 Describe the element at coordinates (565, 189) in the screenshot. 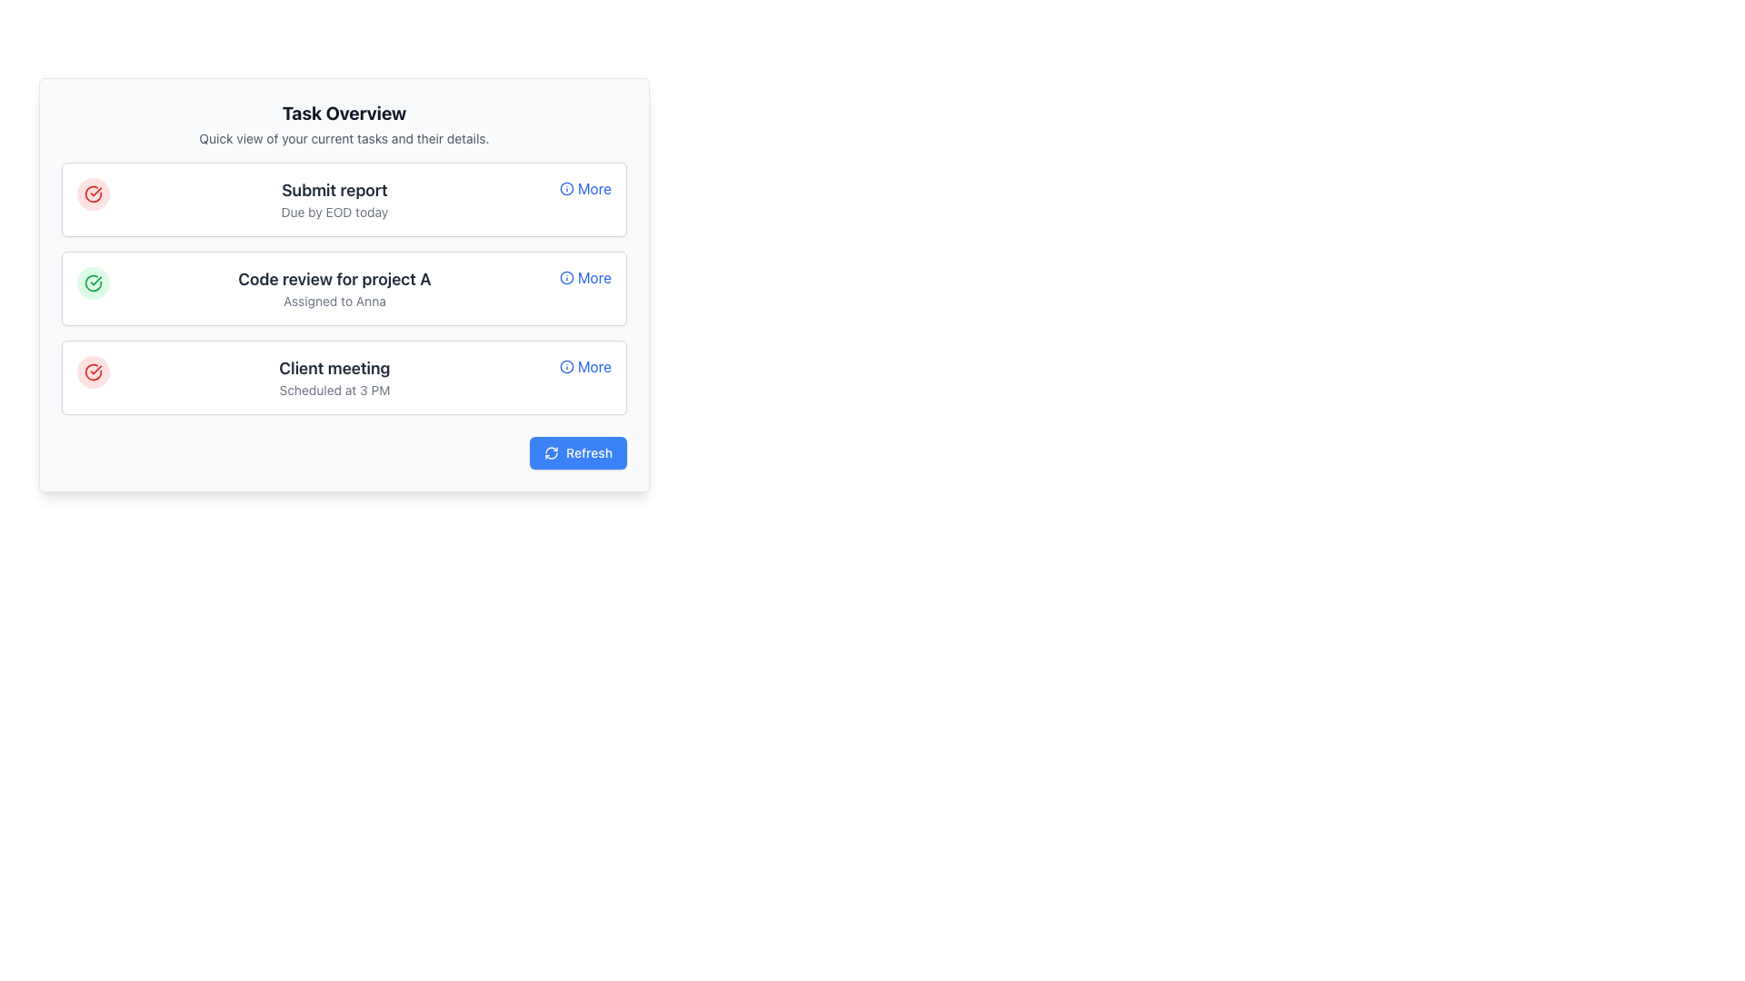

I see `the SVG-based icon that indicates additional details or options associated with the 'More' text in the 'Submit report' task card` at that location.